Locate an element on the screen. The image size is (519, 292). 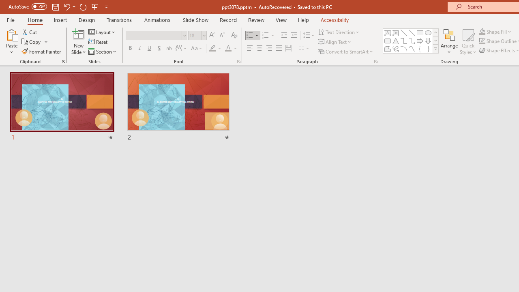
'Center' is located at coordinates (259, 48).